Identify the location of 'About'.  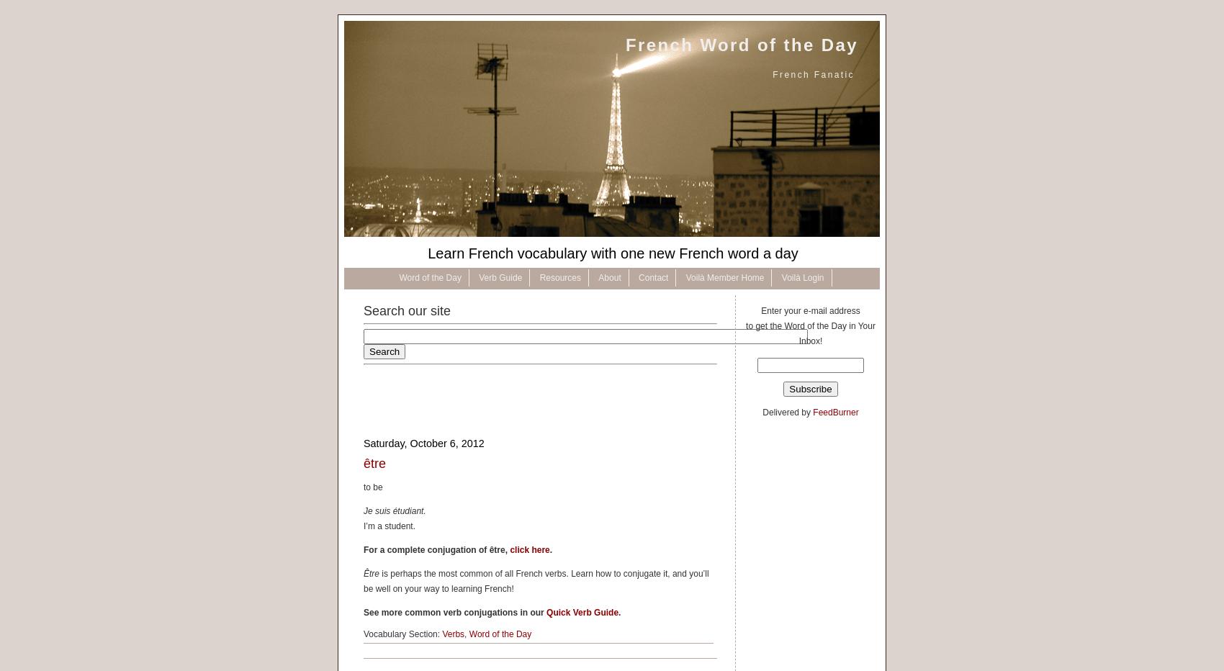
(608, 277).